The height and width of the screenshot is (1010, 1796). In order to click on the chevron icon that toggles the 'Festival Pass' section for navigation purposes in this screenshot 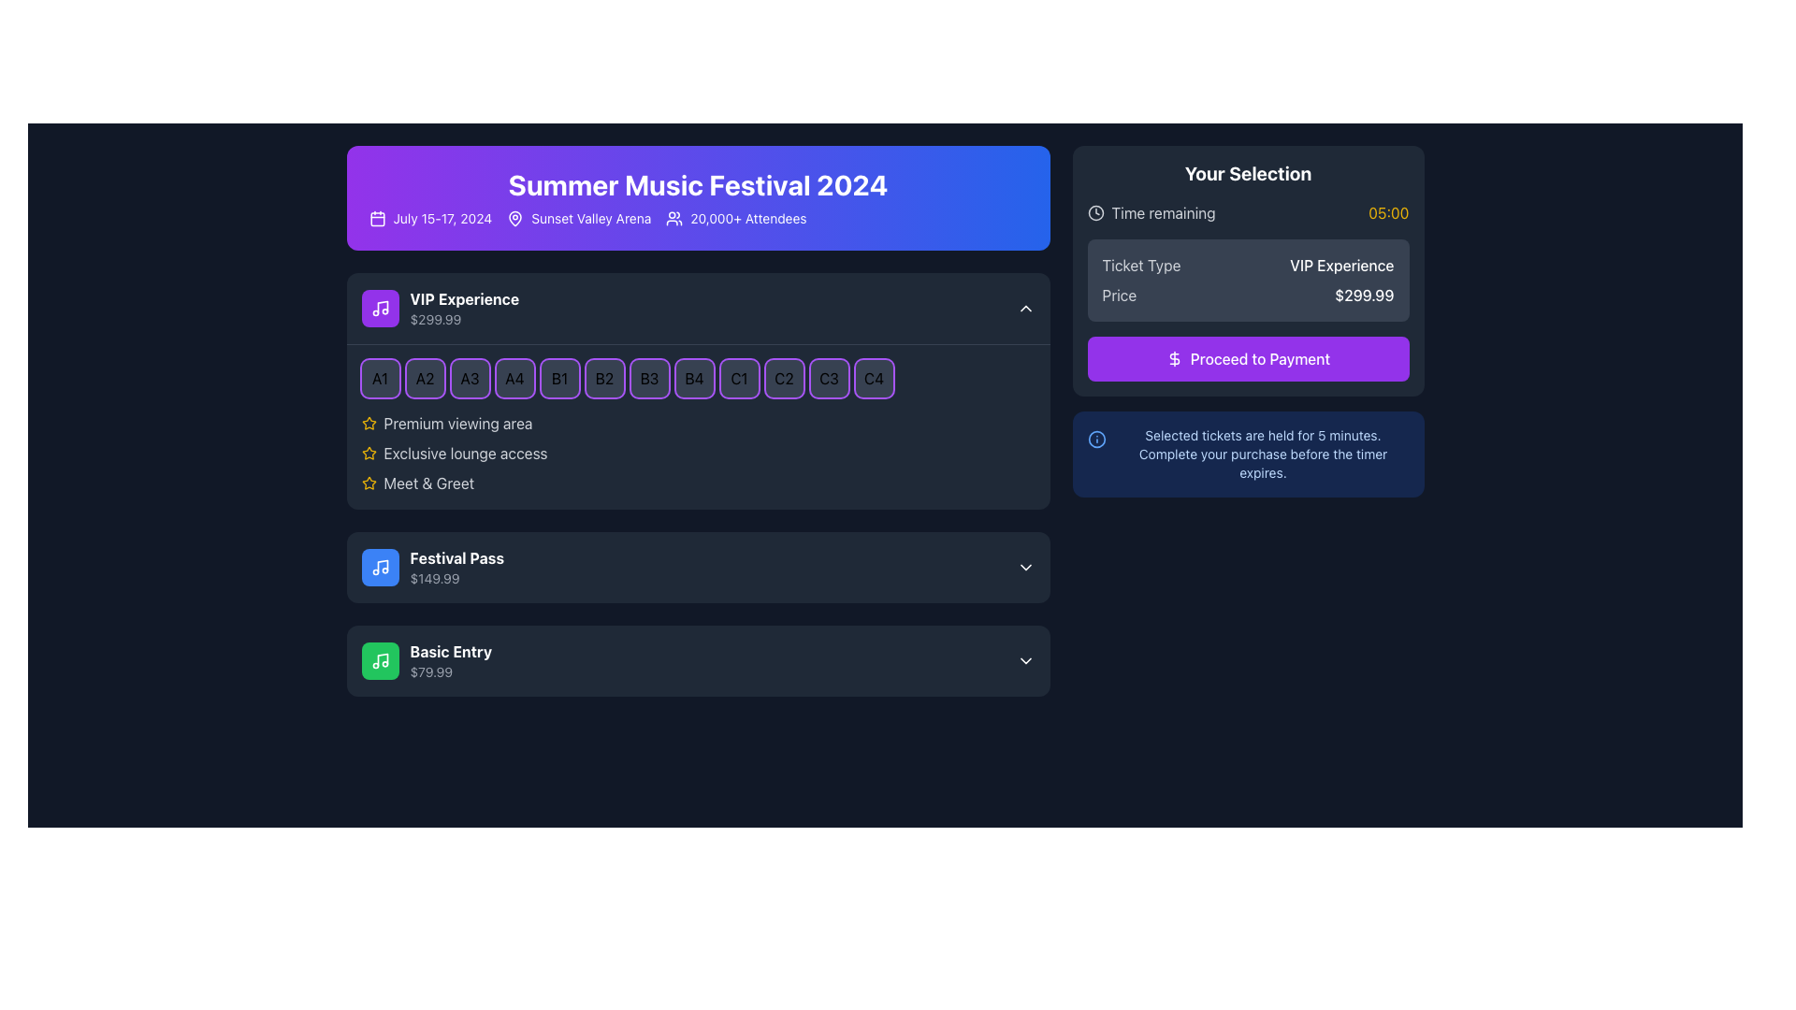, I will do `click(1024, 566)`.